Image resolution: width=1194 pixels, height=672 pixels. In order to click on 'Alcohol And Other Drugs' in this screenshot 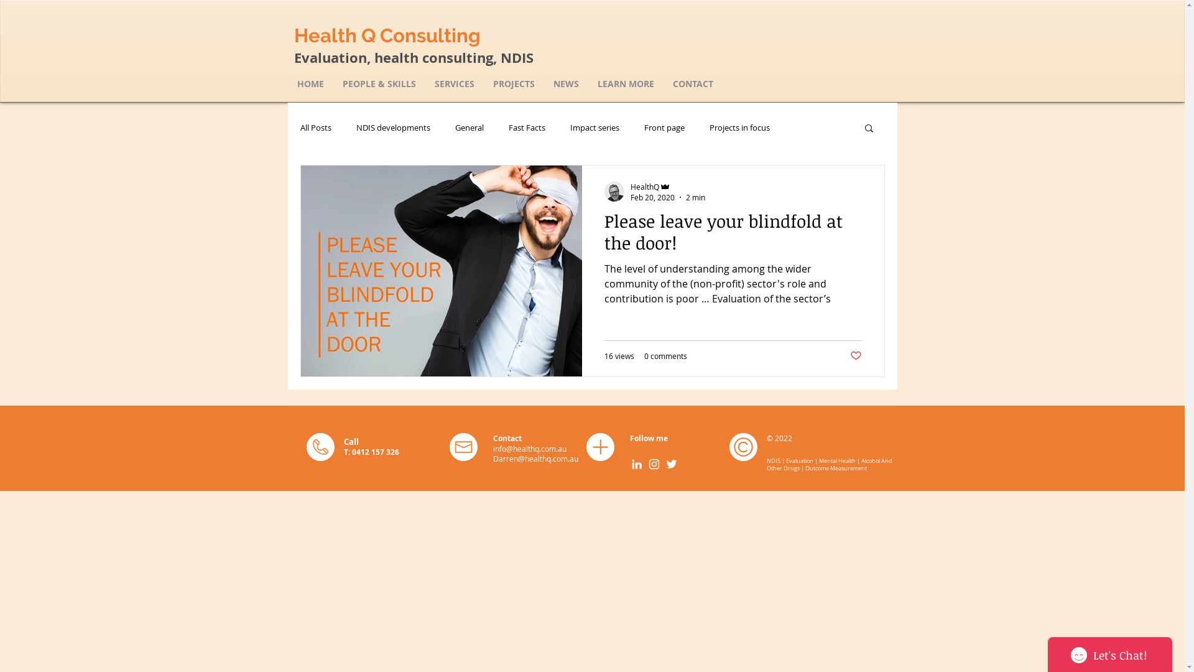, I will do `click(766, 464)`.